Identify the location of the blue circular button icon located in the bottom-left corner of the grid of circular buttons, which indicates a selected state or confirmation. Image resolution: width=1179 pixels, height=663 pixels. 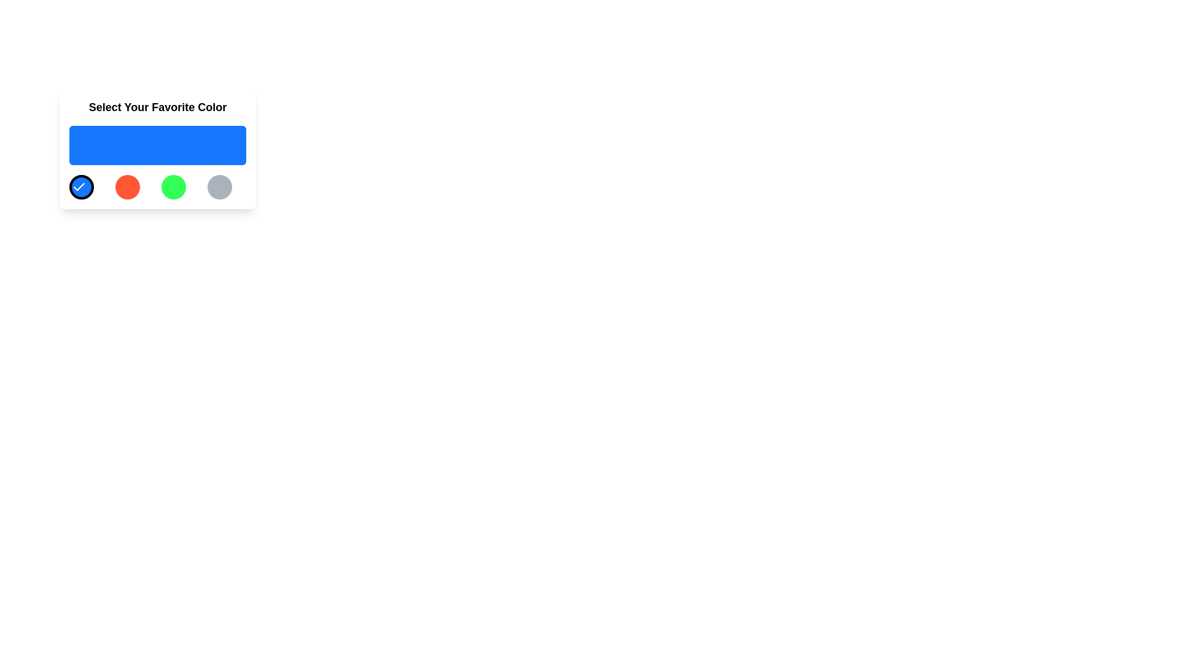
(79, 187).